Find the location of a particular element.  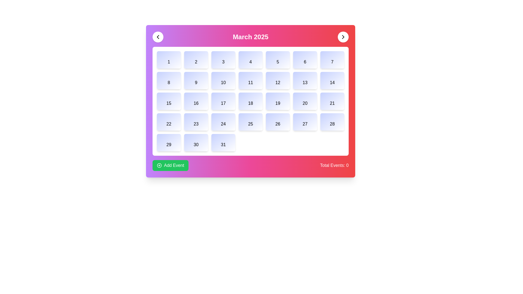

individual dates within the calendar grid for March 2025, which is displayed with a white background and blue gradient cells is located at coordinates (250, 101).